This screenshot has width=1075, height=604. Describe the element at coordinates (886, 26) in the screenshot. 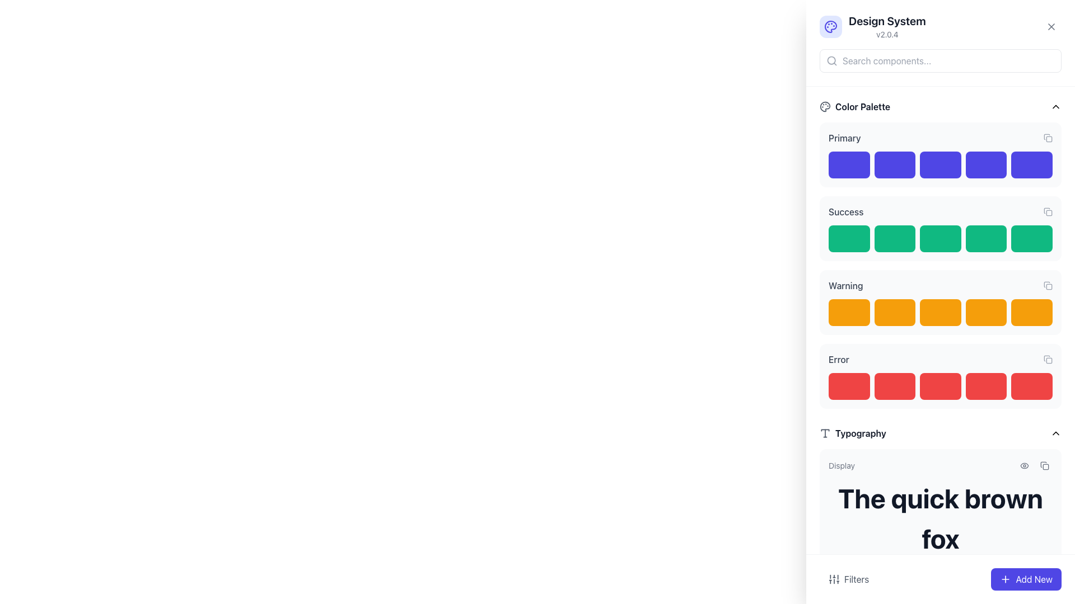

I see `the system information Text label located near the top-right corner of the interface, which serves as a header for adjacent UI components` at that location.